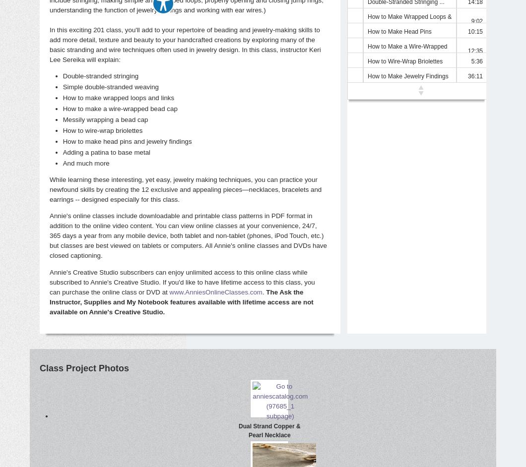 This screenshot has height=467, width=526. Describe the element at coordinates (49, 189) in the screenshot. I see `'While learning these interesting, yet easy, jewelry making techniques, you can practice your newfound skills by creating the 12 exclusive and appealing pieces—necklaces, bracelets and earrings -- designed especially for this class.'` at that location.